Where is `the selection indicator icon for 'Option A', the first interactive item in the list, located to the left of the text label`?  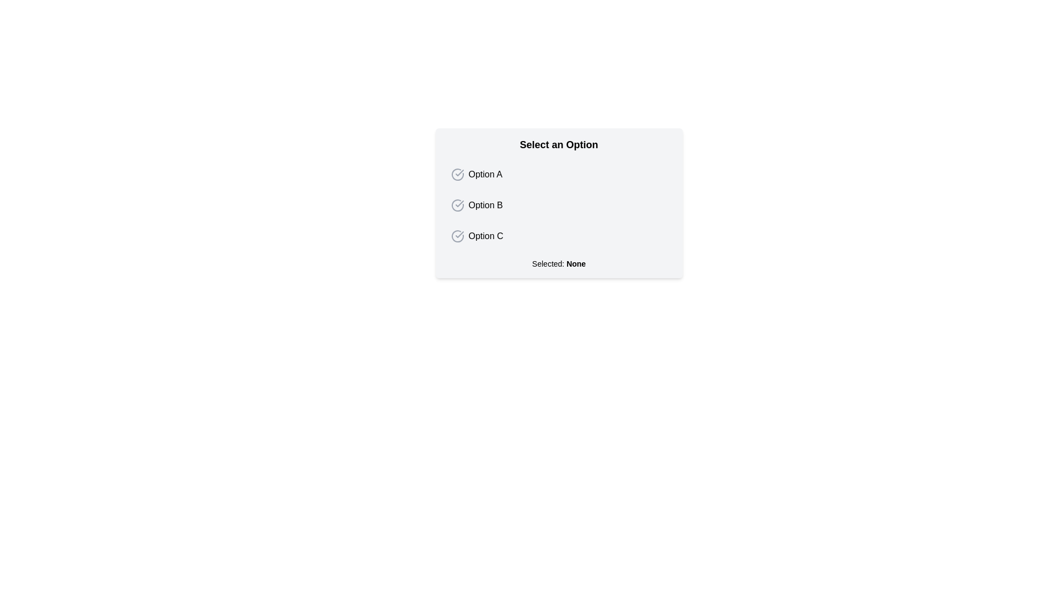
the selection indicator icon for 'Option A', the first interactive item in the list, located to the left of the text label is located at coordinates (457, 174).